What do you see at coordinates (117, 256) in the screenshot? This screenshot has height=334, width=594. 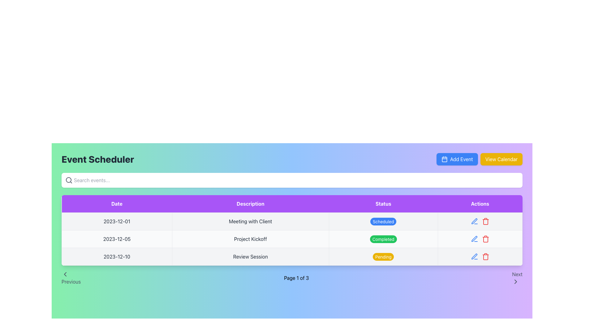 I see `the text element displaying '2023-12-10' in the 'Date' column of the third row of the table` at bounding box center [117, 256].